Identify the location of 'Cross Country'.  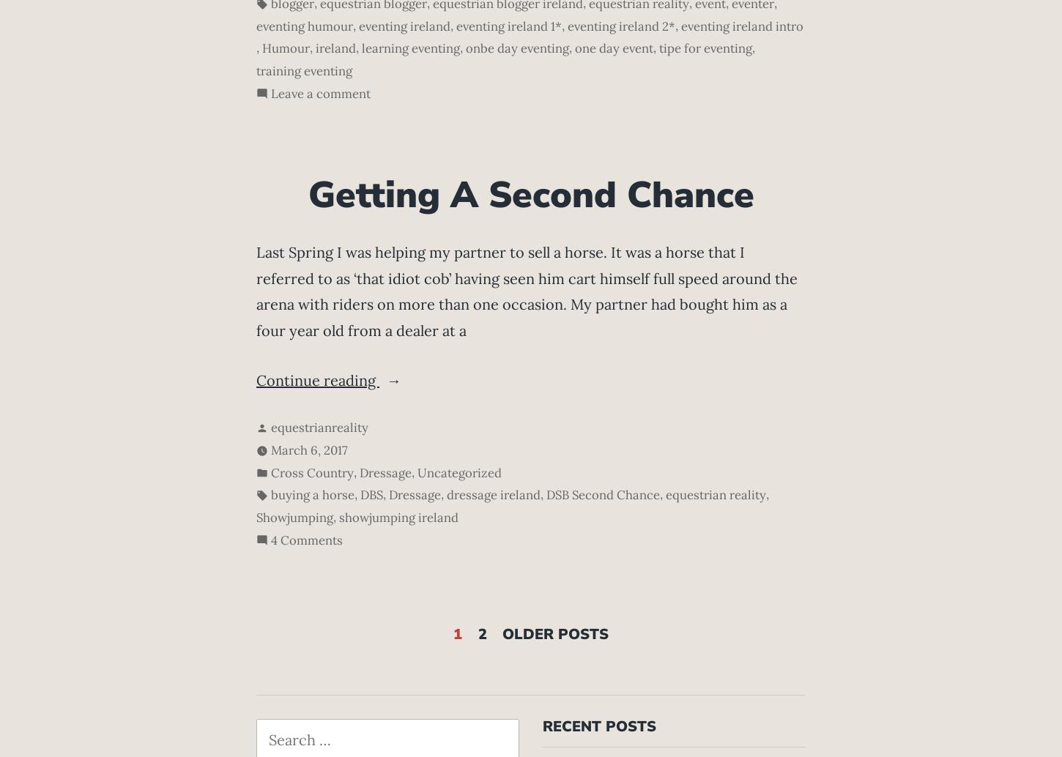
(311, 472).